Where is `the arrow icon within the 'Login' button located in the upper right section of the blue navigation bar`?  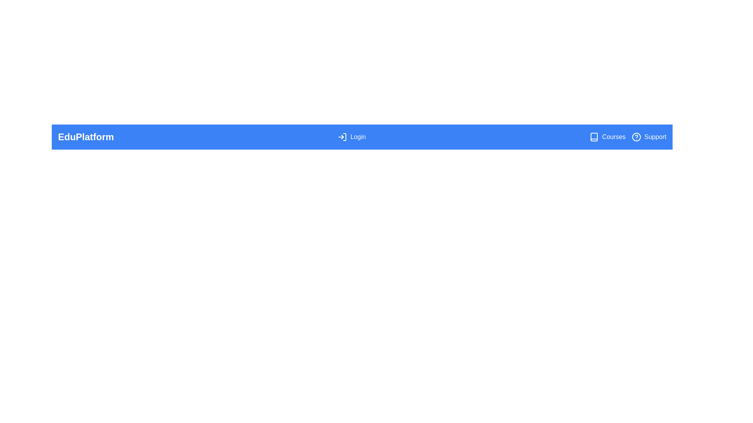 the arrow icon within the 'Login' button located in the upper right section of the blue navigation bar is located at coordinates (342, 137).